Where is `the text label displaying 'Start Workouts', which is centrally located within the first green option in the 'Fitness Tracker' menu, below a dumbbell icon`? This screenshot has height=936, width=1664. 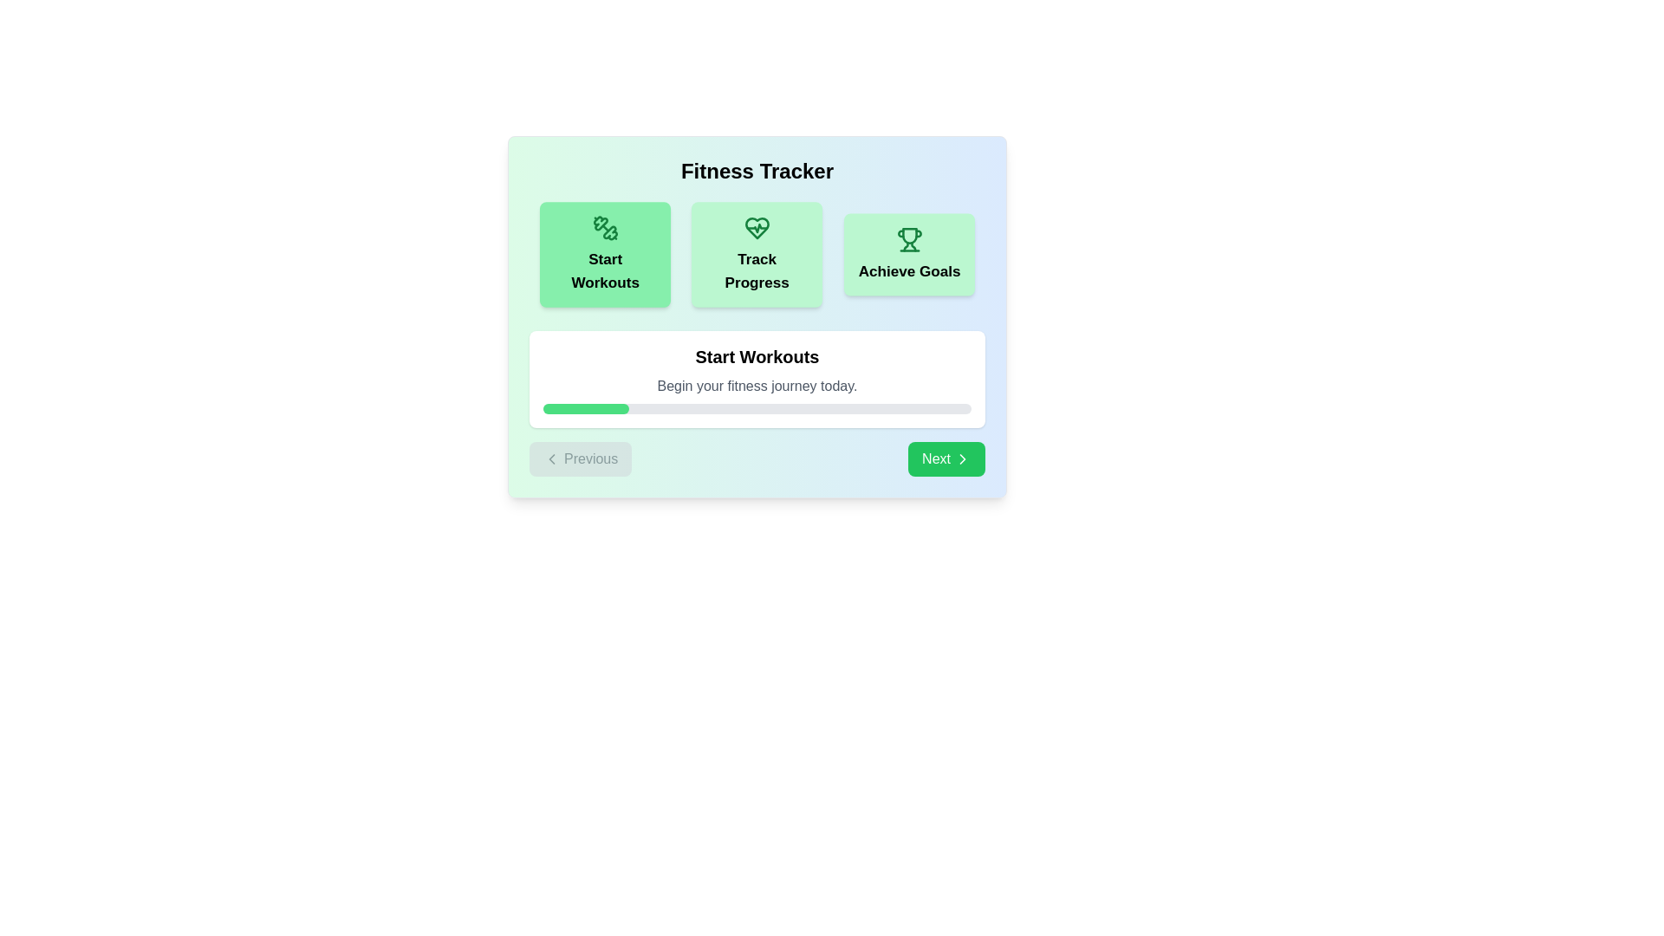
the text label displaying 'Start Workouts', which is centrally located within the first green option in the 'Fitness Tracker' menu, below a dumbbell icon is located at coordinates (605, 270).